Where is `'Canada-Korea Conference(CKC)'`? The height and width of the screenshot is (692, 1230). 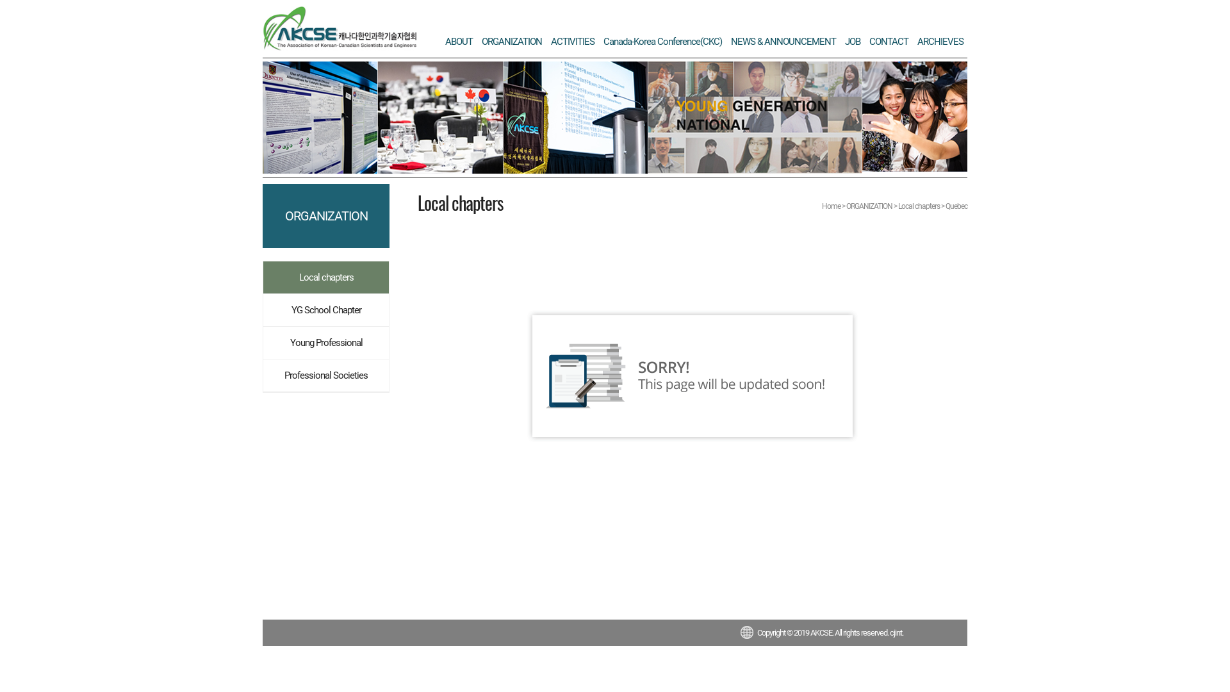
'Canada-Korea Conference(CKC)' is located at coordinates (662, 41).